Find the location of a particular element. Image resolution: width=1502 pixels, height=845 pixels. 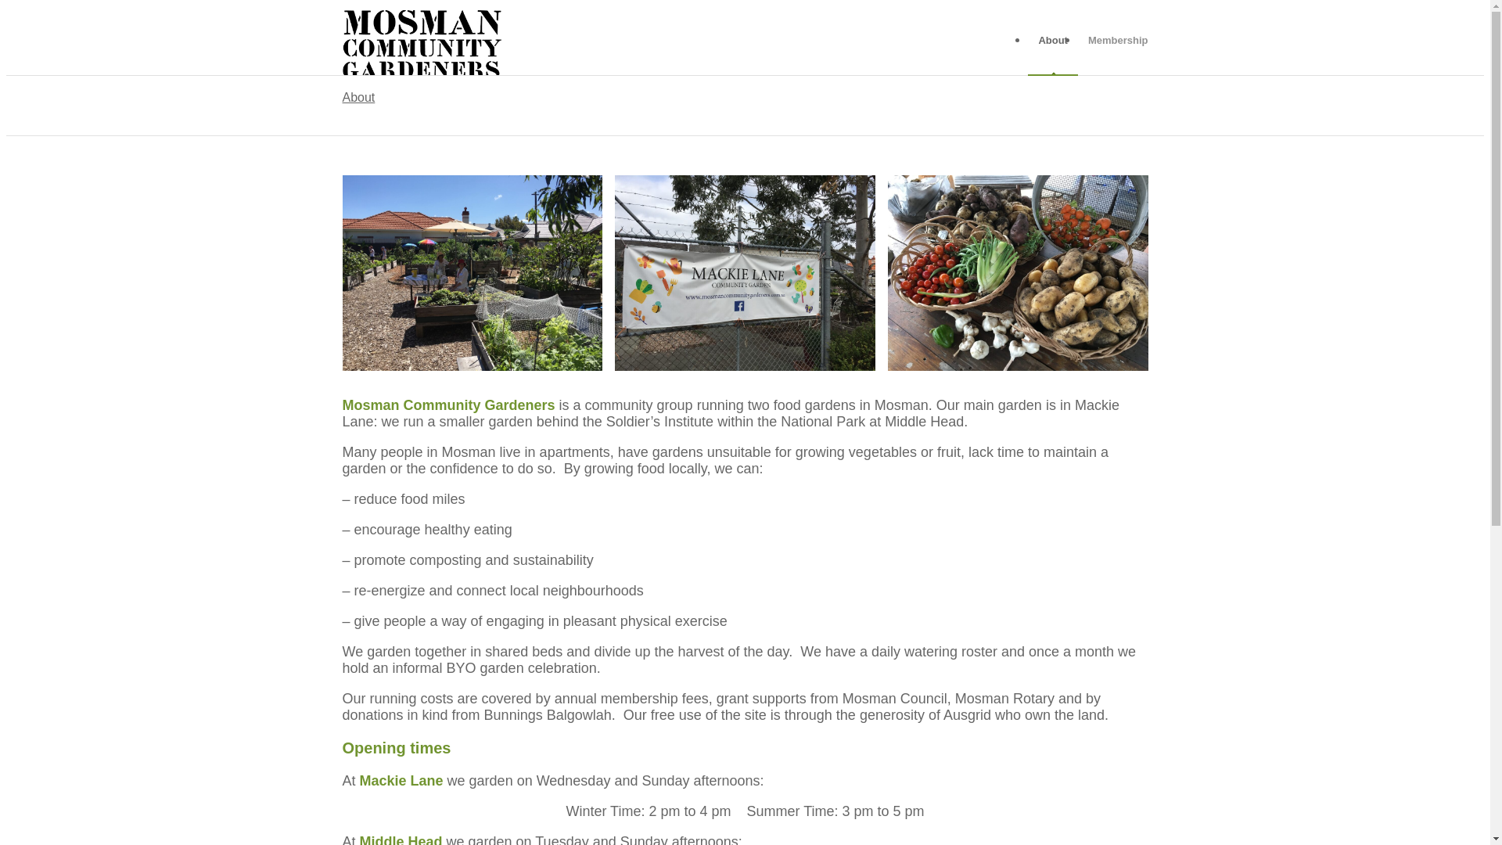

'Membership' is located at coordinates (1112, 39).